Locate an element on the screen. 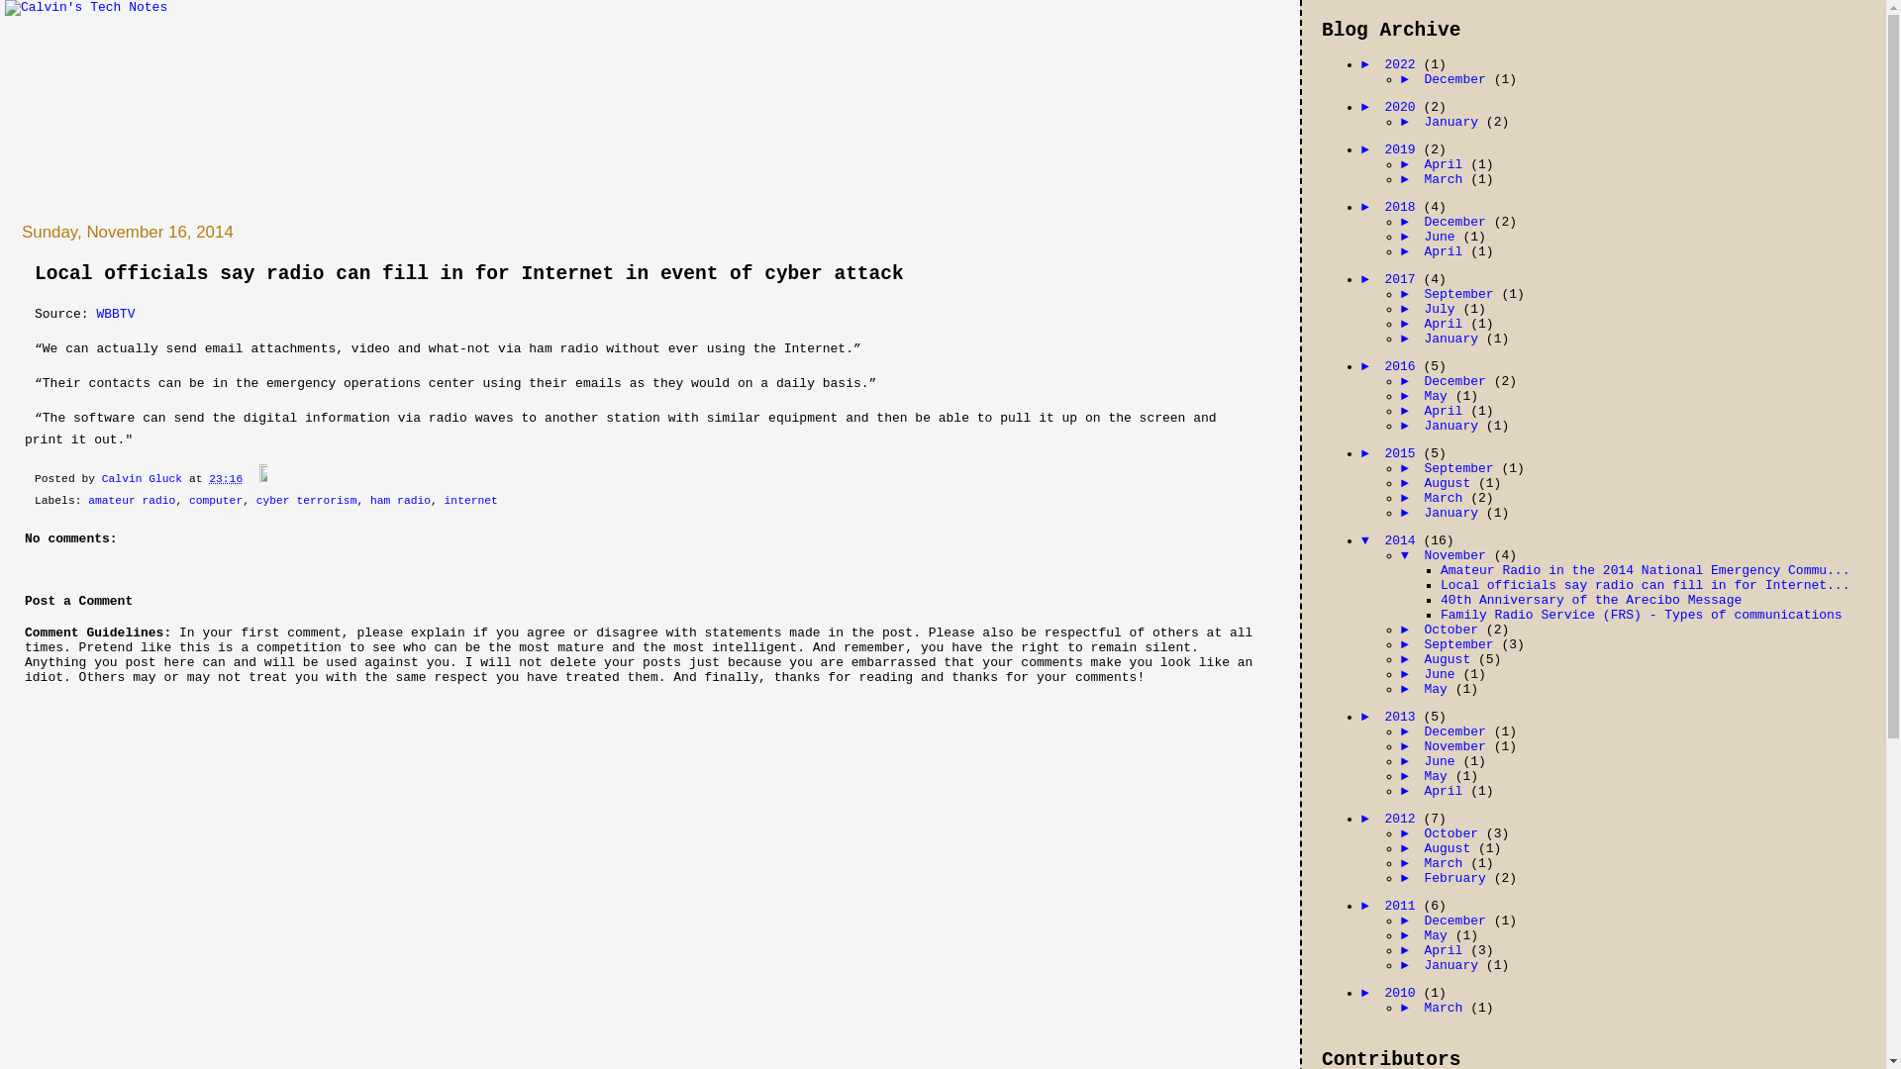 The width and height of the screenshot is (1901, 1069). 'April' is located at coordinates (1423, 323).